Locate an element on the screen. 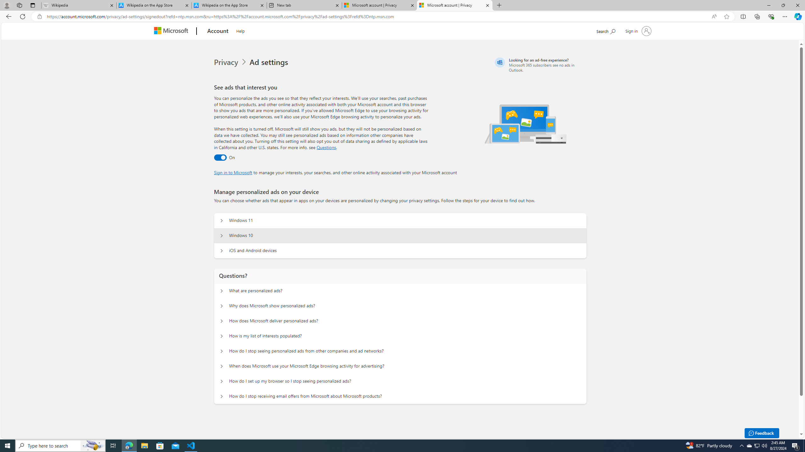 This screenshot has height=452, width=805. 'Help' is located at coordinates (240, 30).